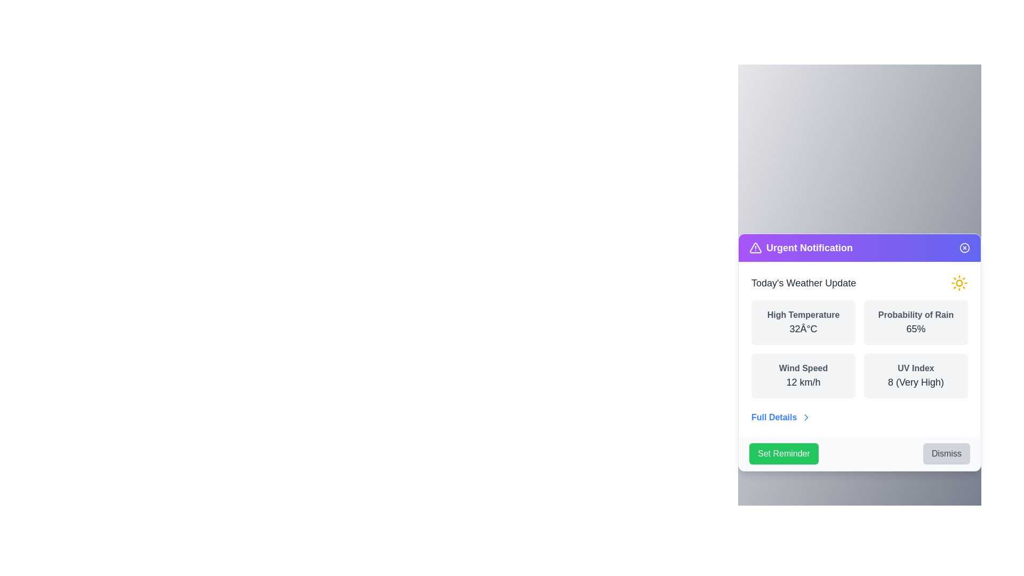 This screenshot has height=576, width=1024. What do you see at coordinates (860, 349) in the screenshot?
I see `the Informational Display Box titled 'Today's Weather Update' that displays weather parameters and includes a 'Full Details' link` at bounding box center [860, 349].